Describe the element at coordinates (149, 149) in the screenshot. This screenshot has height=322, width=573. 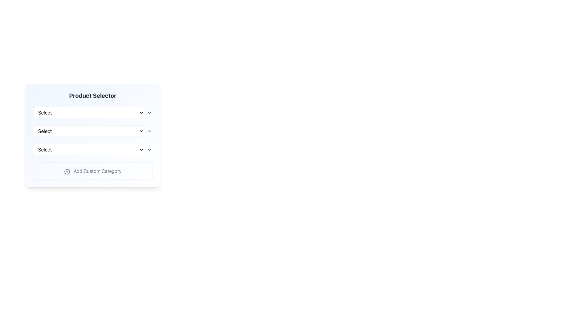
I see `the Chevron icon located to the right of the 'Select' text in the third dropdown row of the 'Product Selector' interface` at that location.